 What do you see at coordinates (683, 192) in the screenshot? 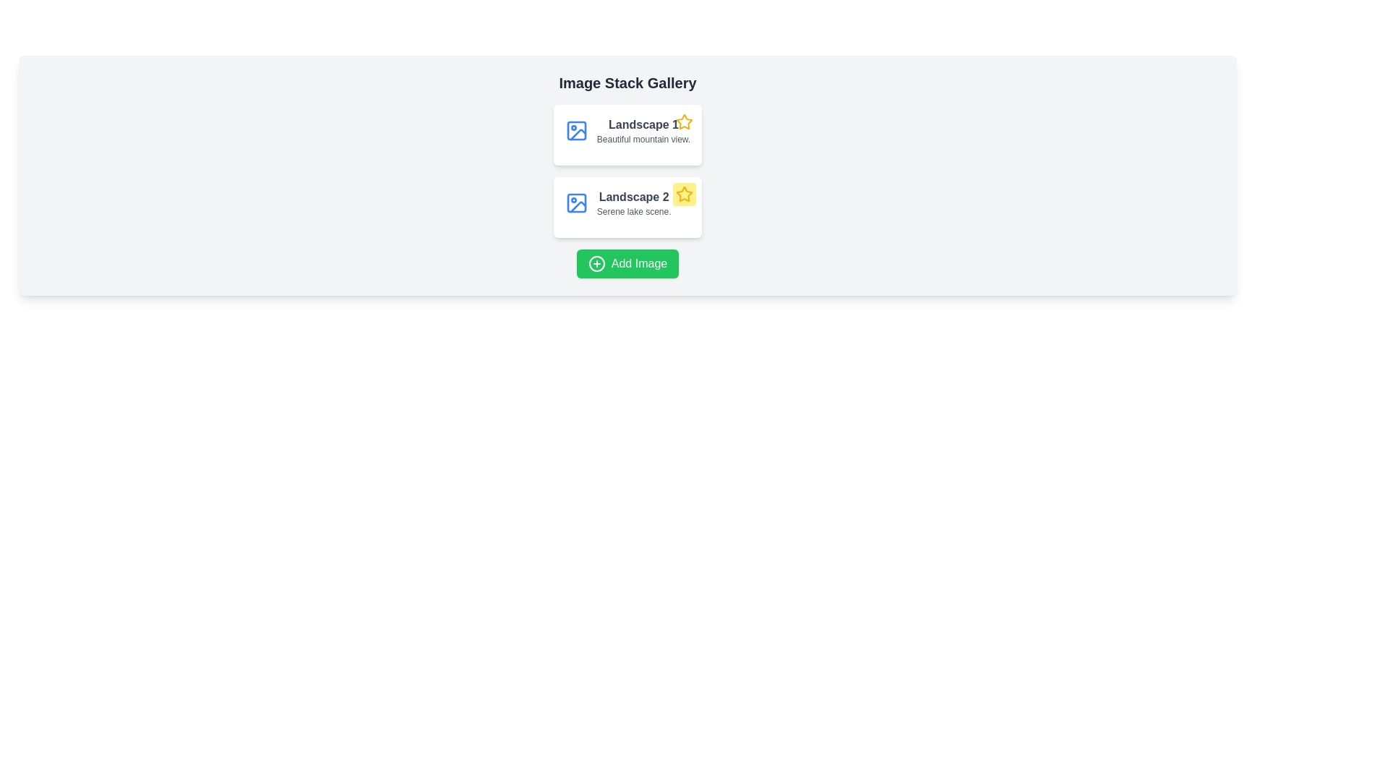
I see `the star-shaped SVG icon with a yellow fill and black outlines located beside the 'Landscape 2' label in the second row of the gallery to interact with it` at bounding box center [683, 192].